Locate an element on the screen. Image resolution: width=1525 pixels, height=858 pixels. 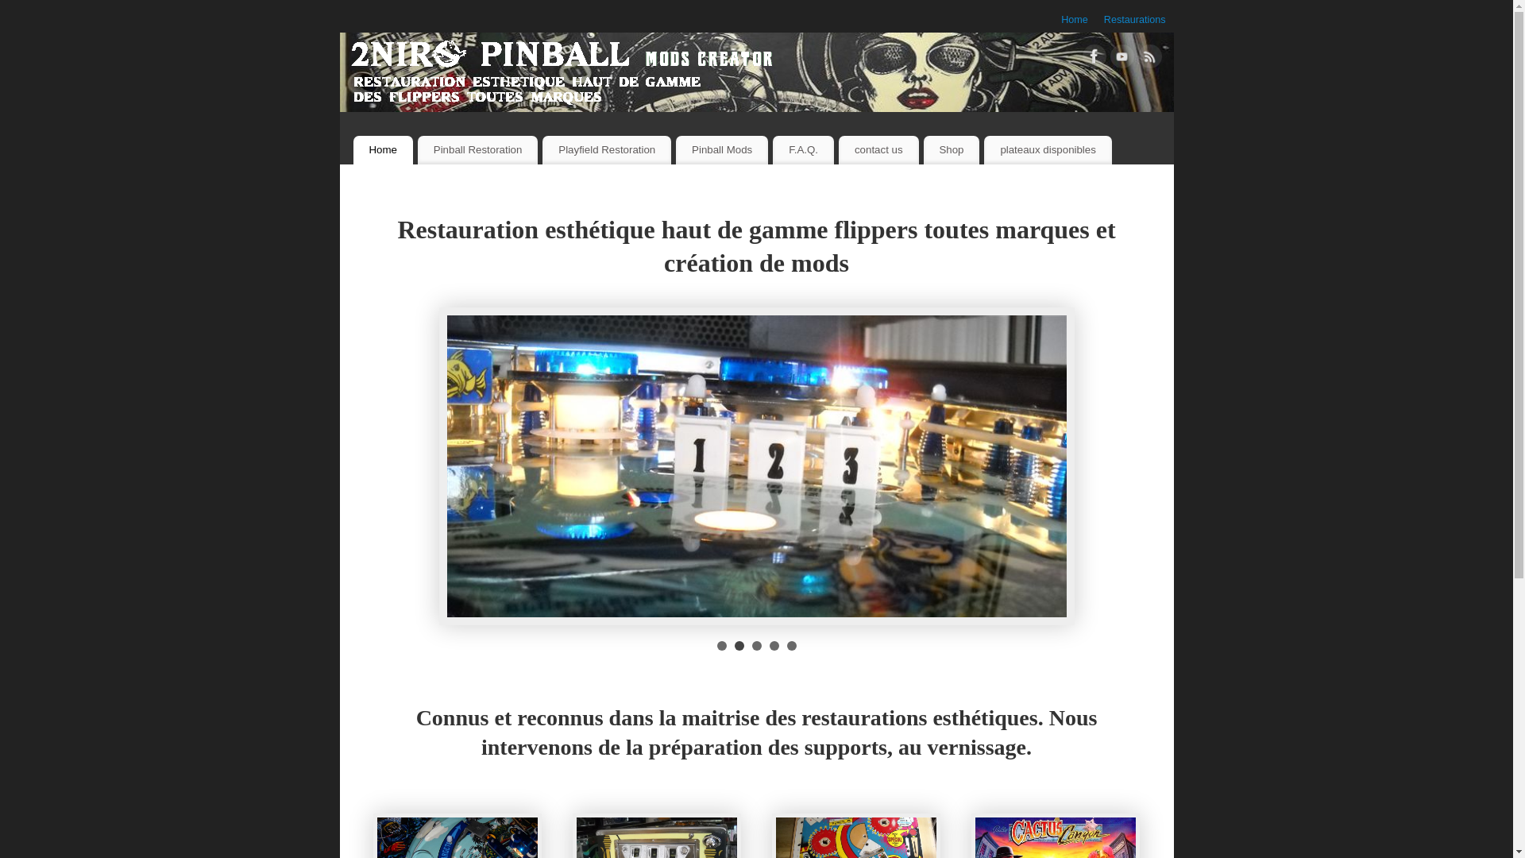
'contact us' is located at coordinates (838, 150).